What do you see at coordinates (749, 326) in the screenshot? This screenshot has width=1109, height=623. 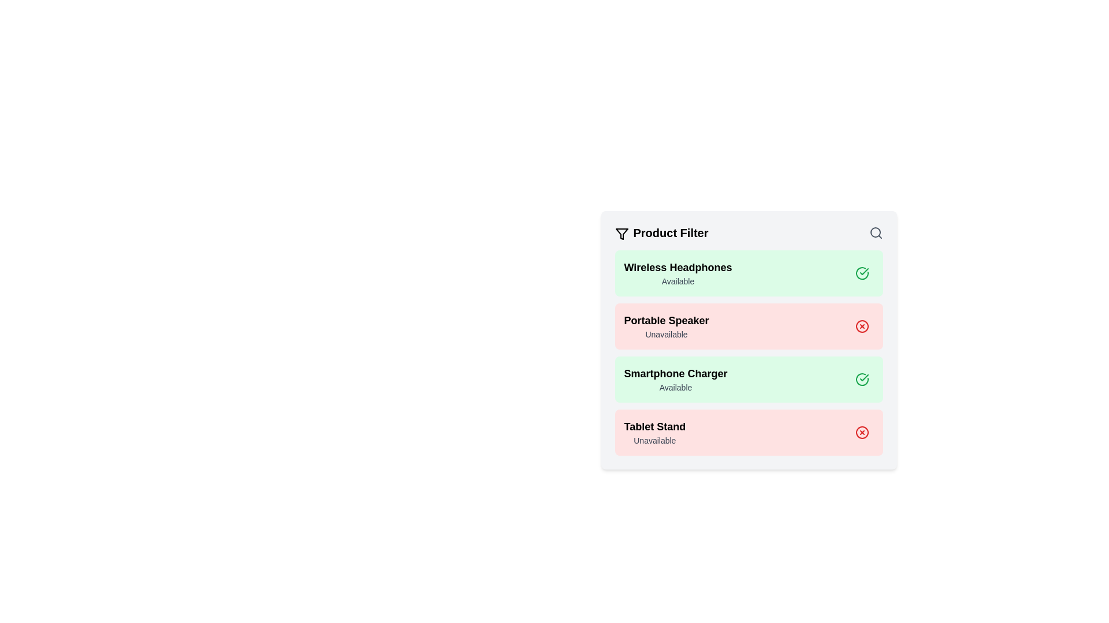 I see `the second card in the 'Product Filter' list, which has a red background and contains the text 'Portable Speaker' and a red circular icon with a cross, located beneath the 'Wireless Headphones' card` at bounding box center [749, 326].